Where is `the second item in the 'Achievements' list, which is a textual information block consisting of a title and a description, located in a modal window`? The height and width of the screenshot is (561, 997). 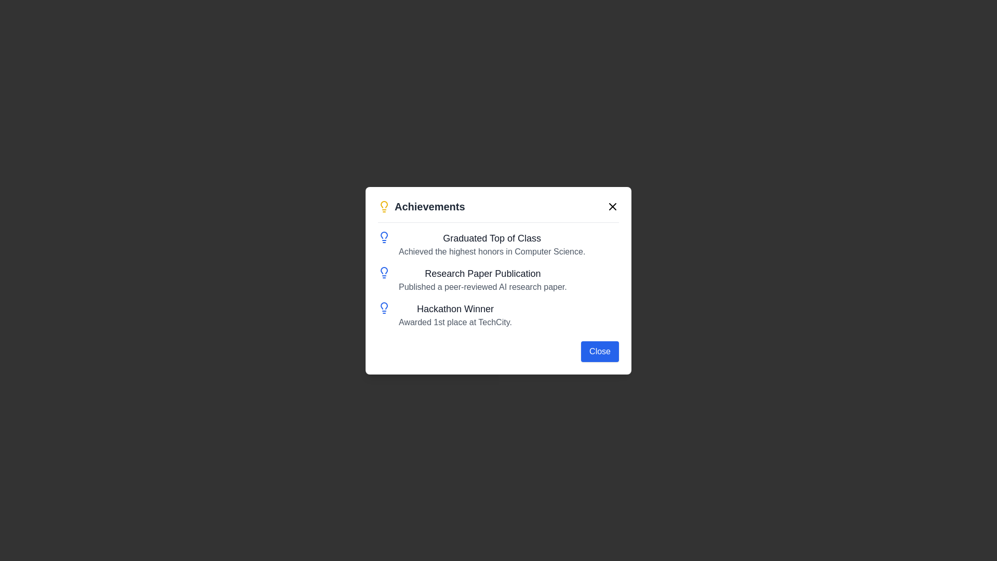
the second item in the 'Achievements' list, which is a textual information block consisting of a title and a description, located in a modal window is located at coordinates (482, 279).